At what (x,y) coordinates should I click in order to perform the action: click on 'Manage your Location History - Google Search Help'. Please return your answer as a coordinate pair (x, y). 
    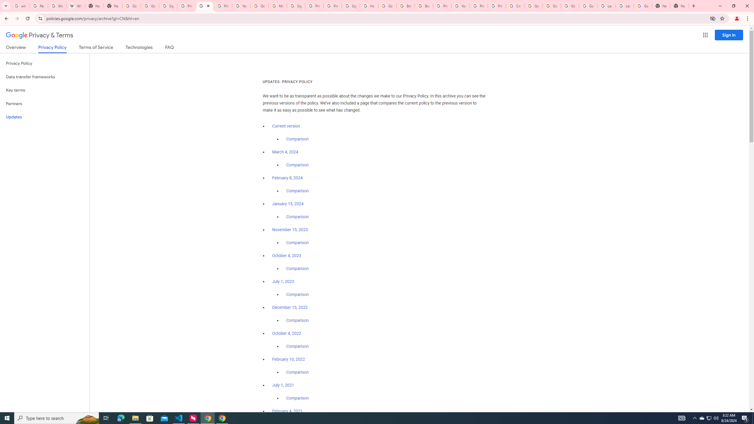
    Looking at the image, I should click on (57, 6).